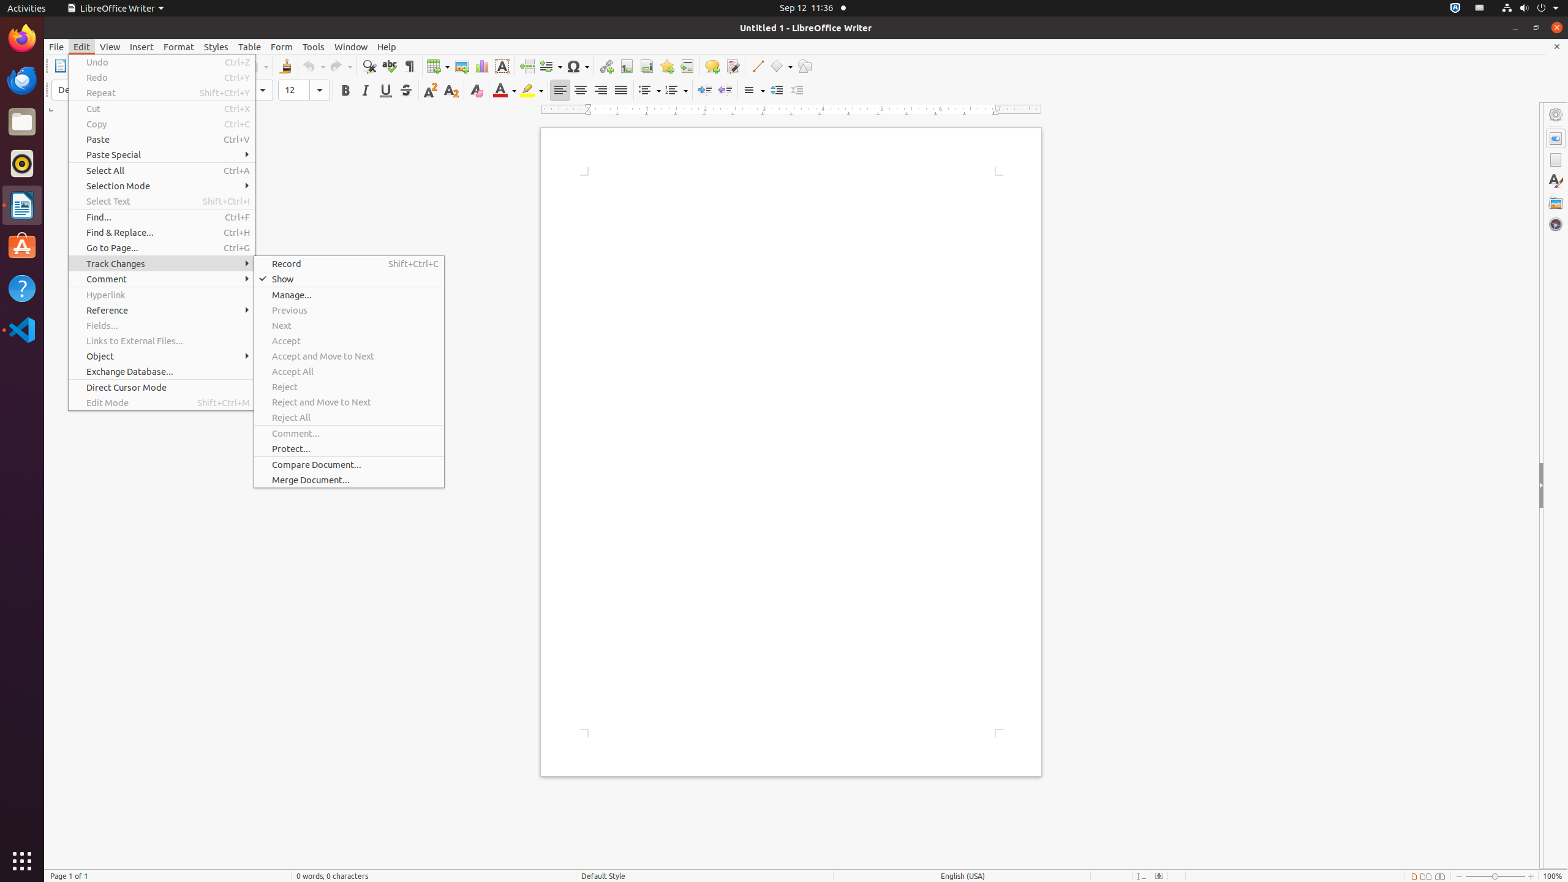 This screenshot has height=882, width=1568. I want to click on 'Accept All', so click(349, 371).